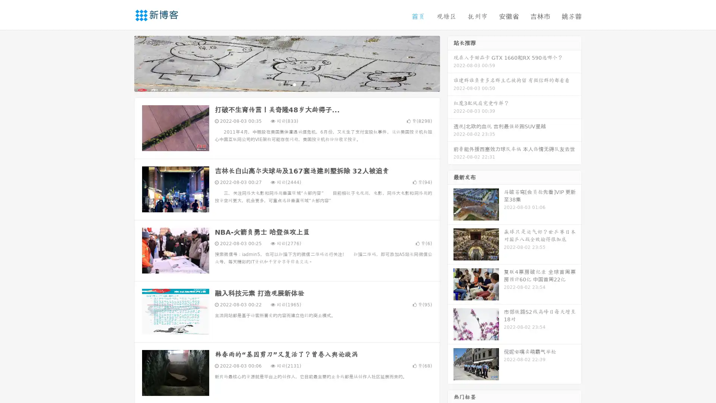 Image resolution: width=716 pixels, height=403 pixels. What do you see at coordinates (450, 63) in the screenshot?
I see `Next slide` at bounding box center [450, 63].